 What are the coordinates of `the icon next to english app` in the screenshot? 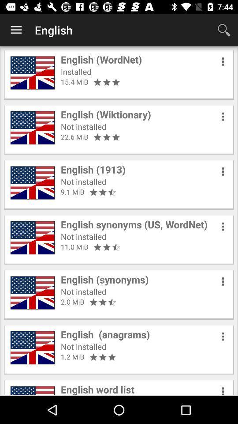 It's located at (224, 30).